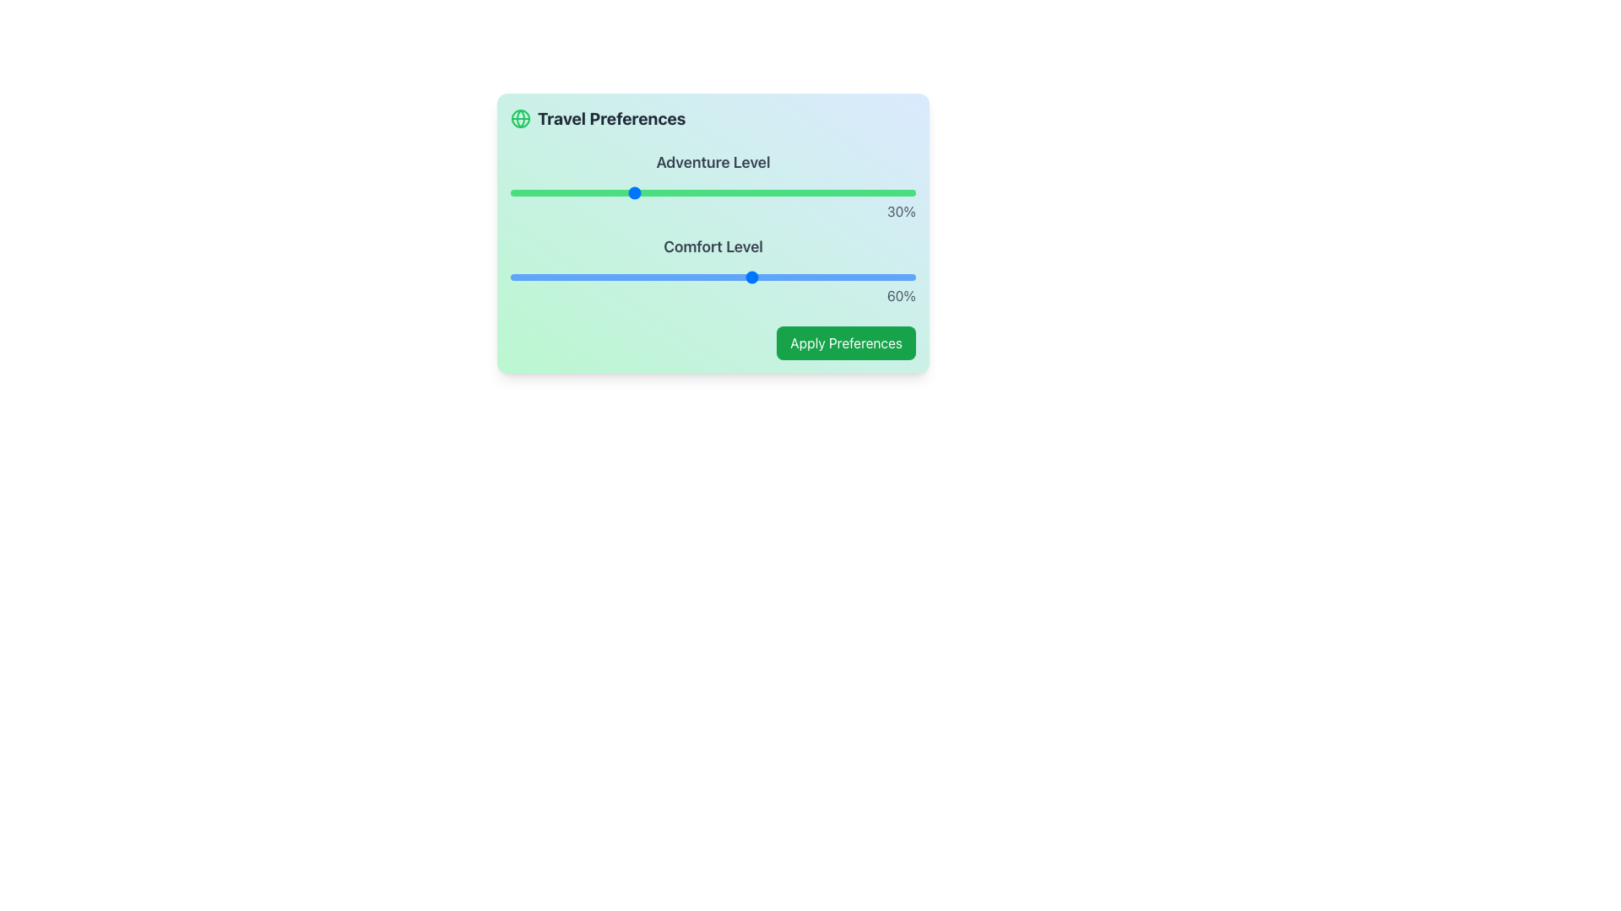 The image size is (1621, 911). Describe the element at coordinates (520, 118) in the screenshot. I see `the central circular feature of the globe SVG icon located near the 'Travel Preferences' heading in the top-left portion of the interface` at that location.